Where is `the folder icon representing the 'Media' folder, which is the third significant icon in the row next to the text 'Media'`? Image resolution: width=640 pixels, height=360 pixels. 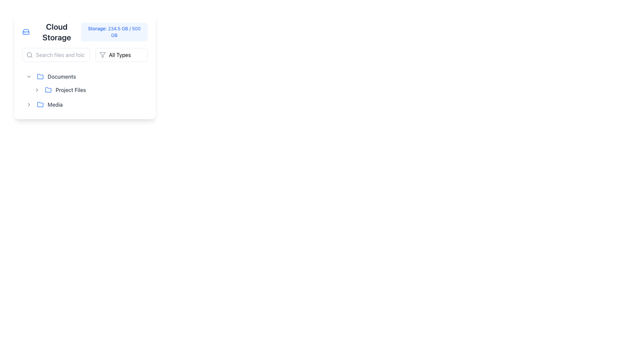 the folder icon representing the 'Media' folder, which is the third significant icon in the row next to the text 'Media' is located at coordinates (40, 104).